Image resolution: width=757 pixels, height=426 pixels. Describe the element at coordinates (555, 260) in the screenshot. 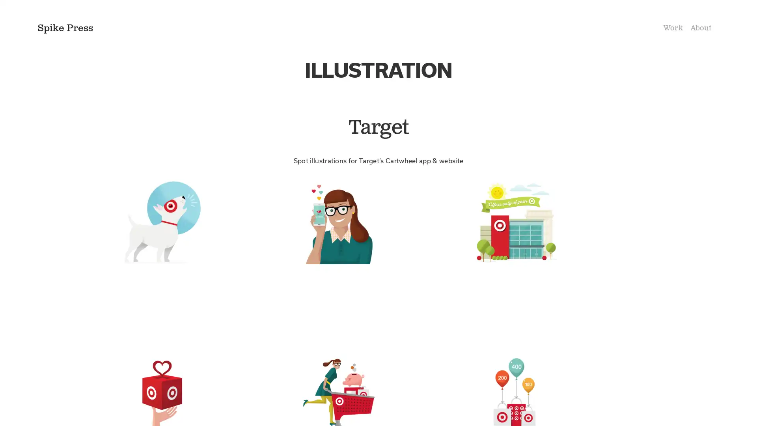

I see `View fullsize 03.png` at that location.